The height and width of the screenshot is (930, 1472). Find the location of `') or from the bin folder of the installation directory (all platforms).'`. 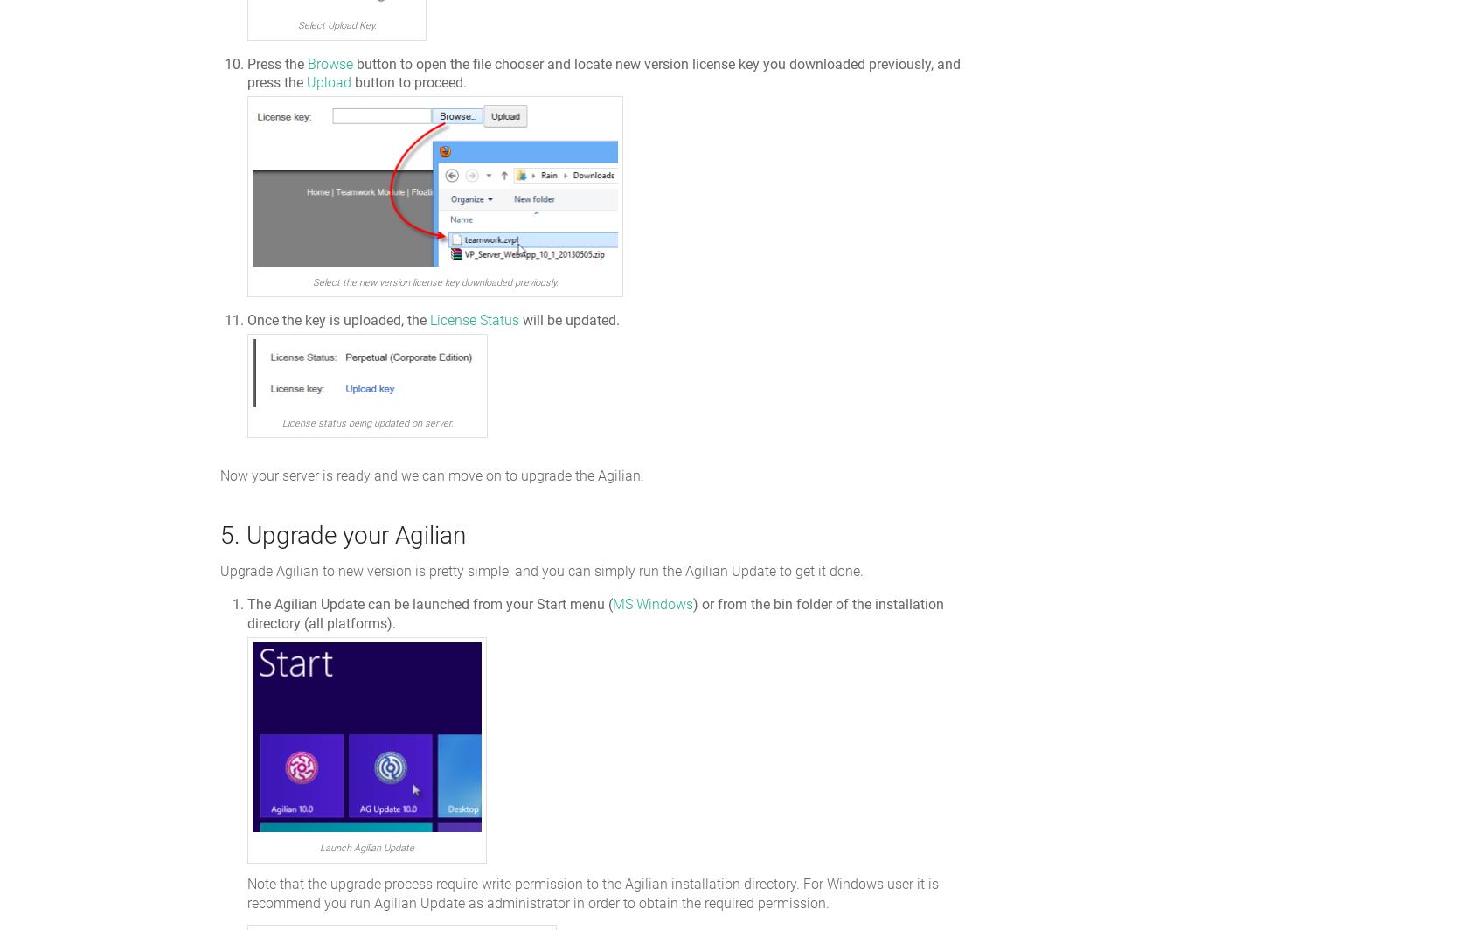

') or from the bin folder of the installation directory (all platforms).' is located at coordinates (595, 614).